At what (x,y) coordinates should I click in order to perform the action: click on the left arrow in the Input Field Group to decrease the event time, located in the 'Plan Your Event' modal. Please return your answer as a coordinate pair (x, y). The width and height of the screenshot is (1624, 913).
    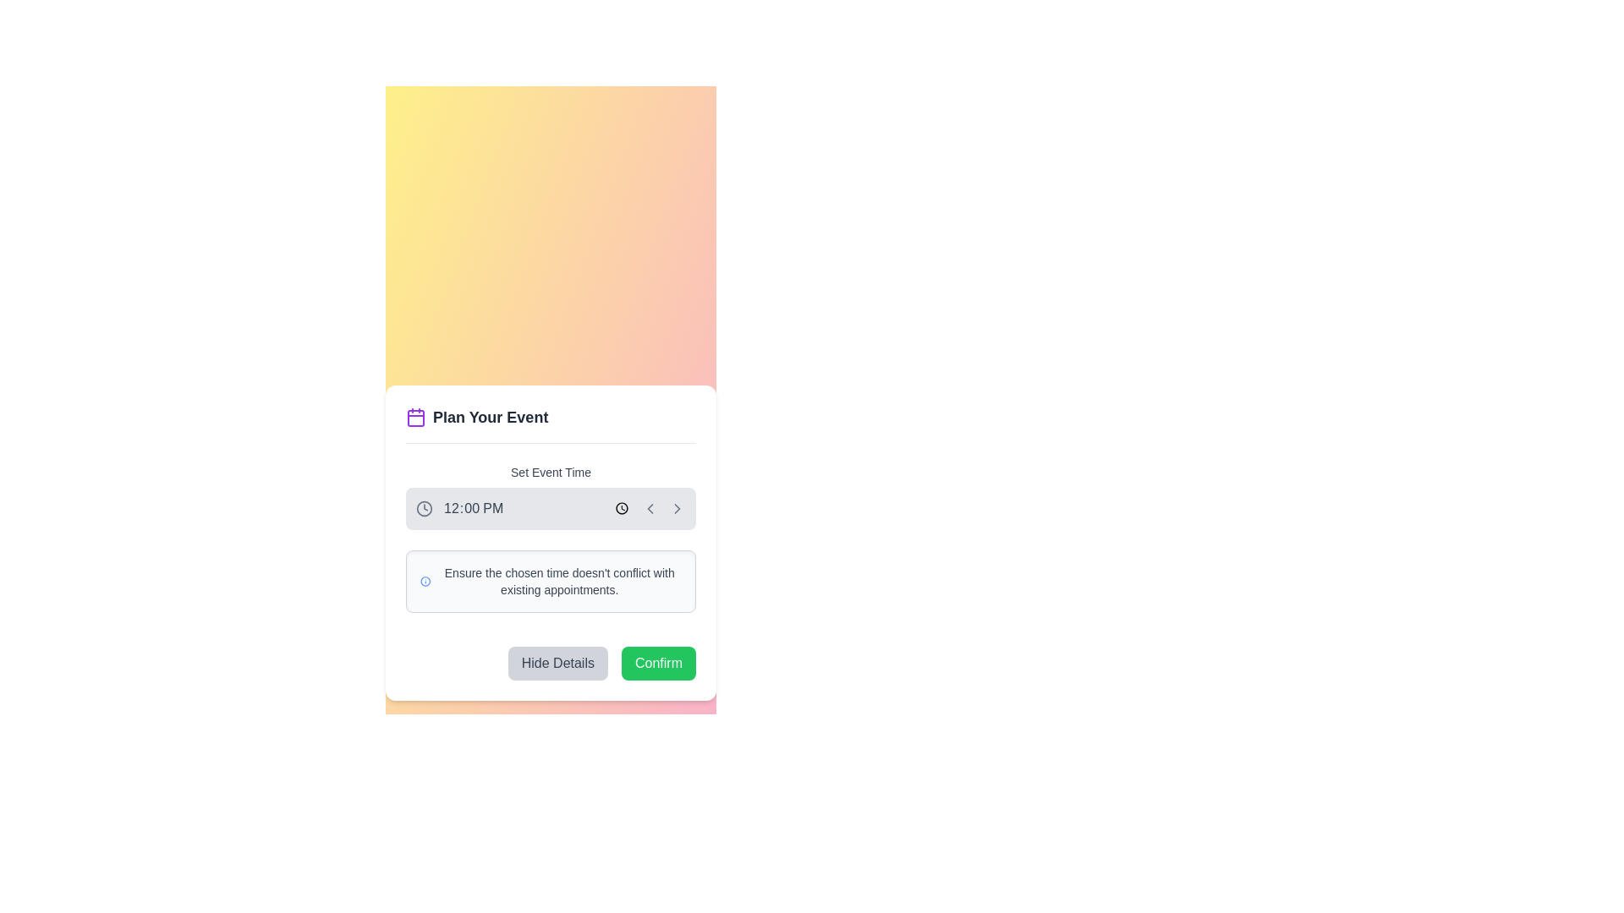
    Looking at the image, I should click on (551, 495).